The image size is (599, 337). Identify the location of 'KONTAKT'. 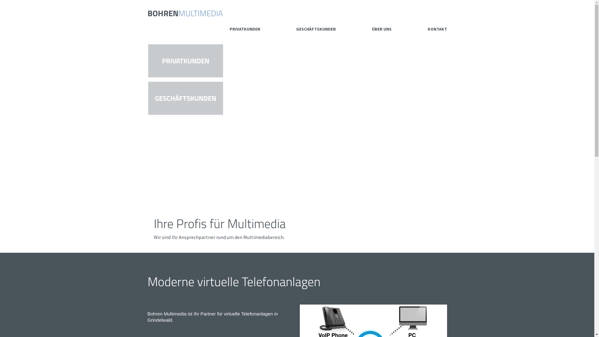
(437, 29).